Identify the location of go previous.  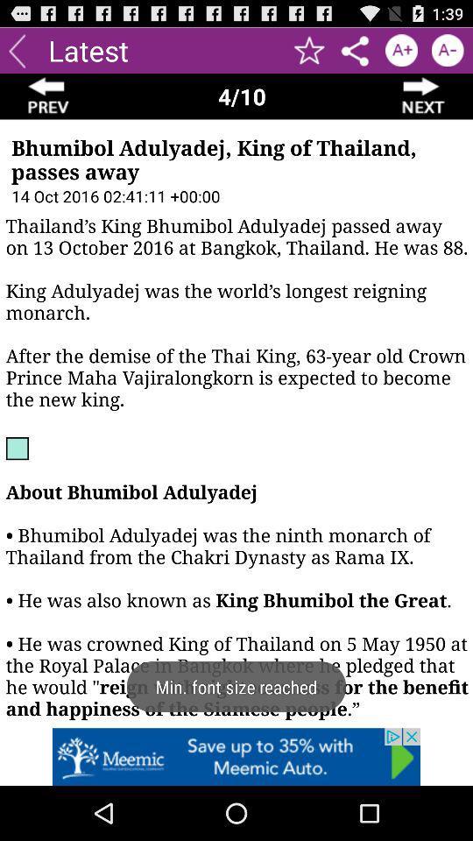
(16, 49).